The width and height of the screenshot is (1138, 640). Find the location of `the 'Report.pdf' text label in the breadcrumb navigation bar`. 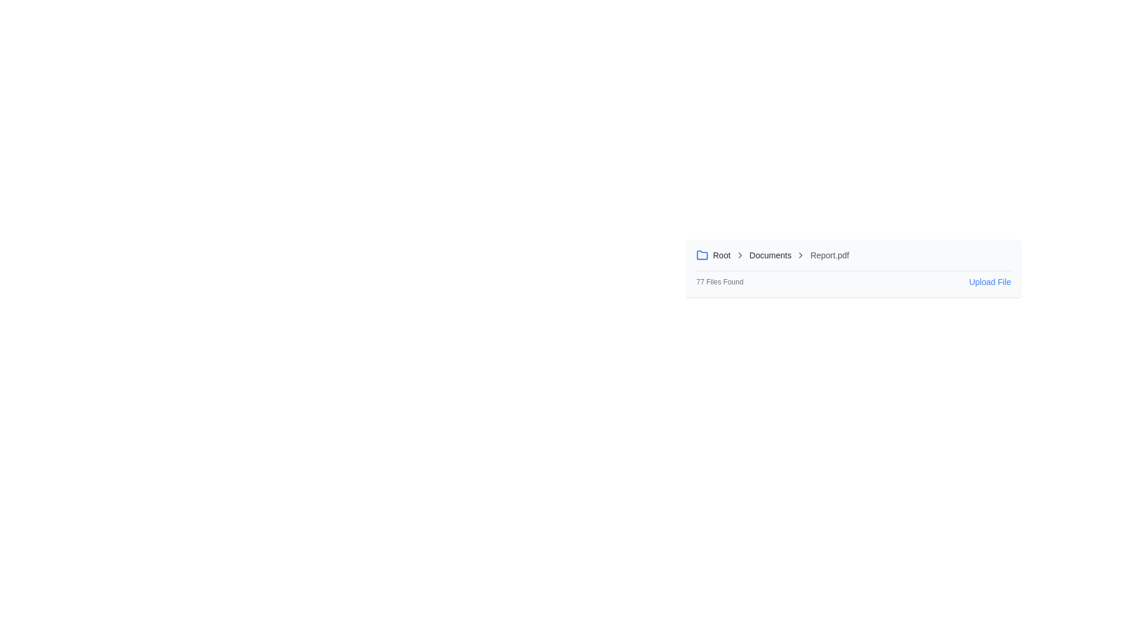

the 'Report.pdf' text label in the breadcrumb navigation bar is located at coordinates (829, 255).